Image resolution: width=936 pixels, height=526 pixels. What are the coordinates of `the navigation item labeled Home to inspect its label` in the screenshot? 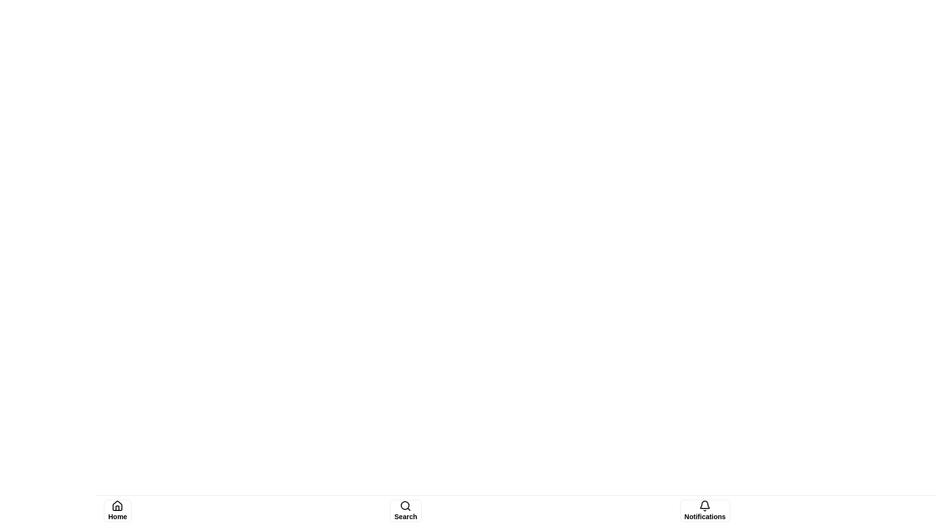 It's located at (117, 510).